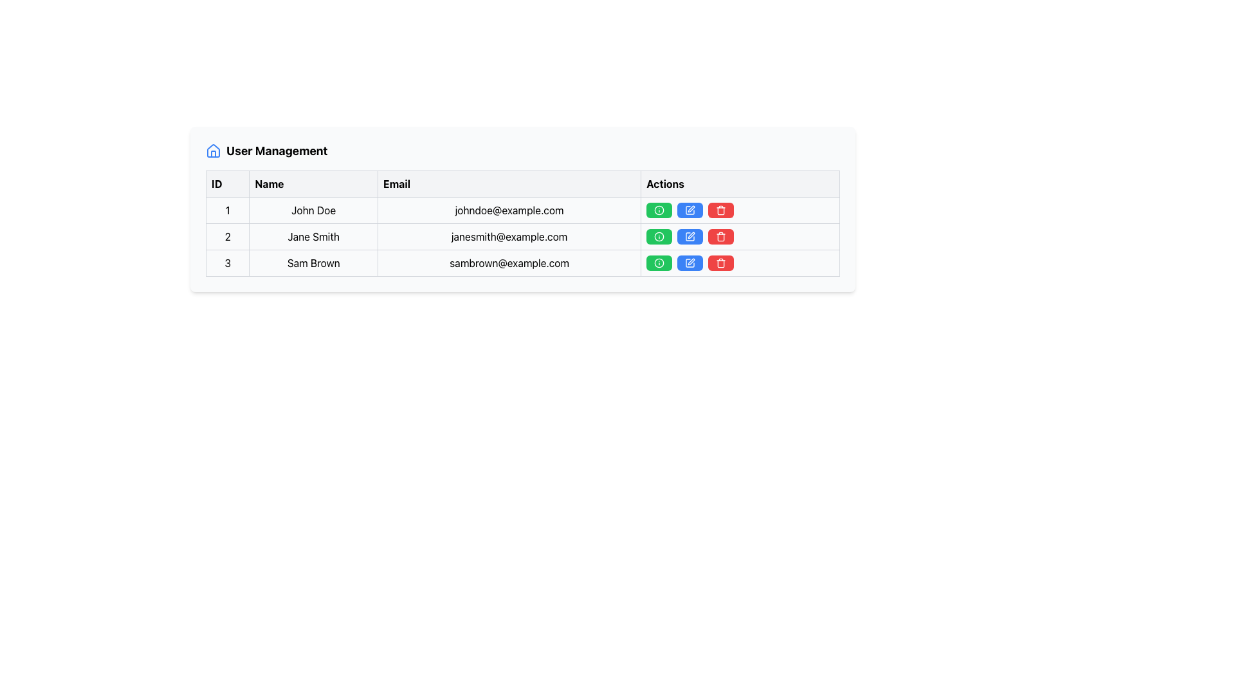 This screenshot has width=1235, height=695. I want to click on text from the Text Label displaying 'Sam Brown' located in the third row of the table under the 'Name' column, so click(313, 262).